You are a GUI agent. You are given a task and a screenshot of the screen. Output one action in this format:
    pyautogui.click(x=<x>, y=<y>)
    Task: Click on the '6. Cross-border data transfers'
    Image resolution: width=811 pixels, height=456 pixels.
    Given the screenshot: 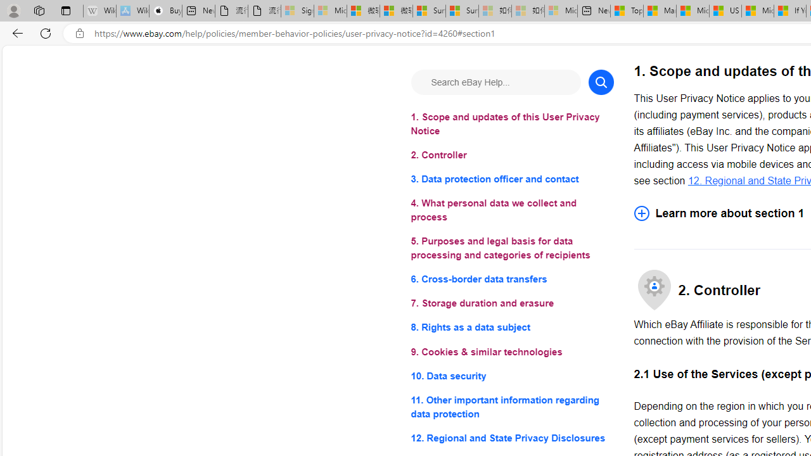 What is the action you would take?
    pyautogui.click(x=512, y=279)
    